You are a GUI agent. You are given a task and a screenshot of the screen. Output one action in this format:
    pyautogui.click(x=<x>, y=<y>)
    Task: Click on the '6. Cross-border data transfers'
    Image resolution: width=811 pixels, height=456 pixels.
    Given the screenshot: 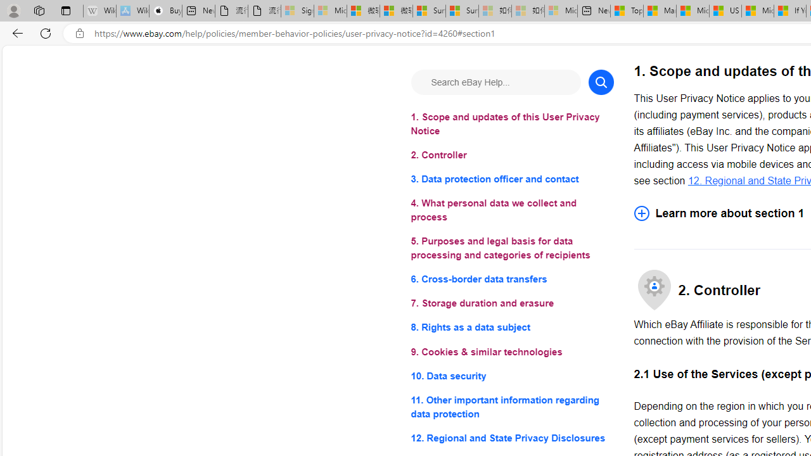 What is the action you would take?
    pyautogui.click(x=512, y=279)
    